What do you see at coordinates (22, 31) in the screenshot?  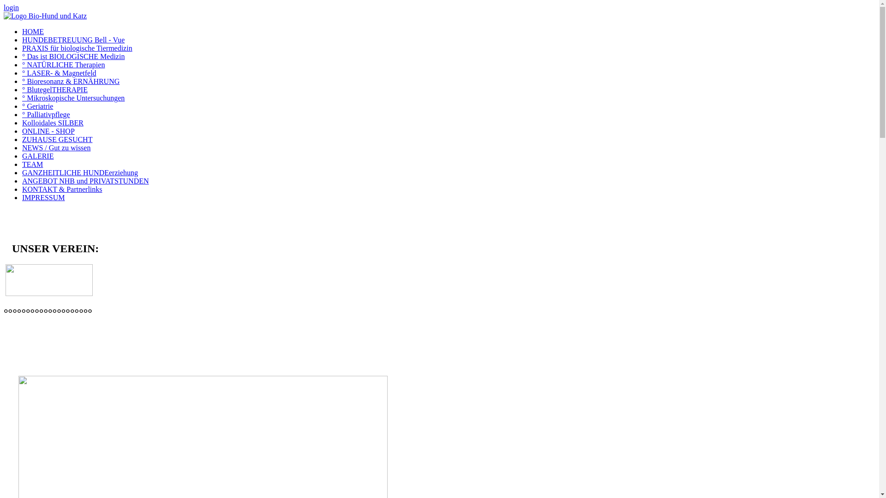 I see `'HOME'` at bounding box center [22, 31].